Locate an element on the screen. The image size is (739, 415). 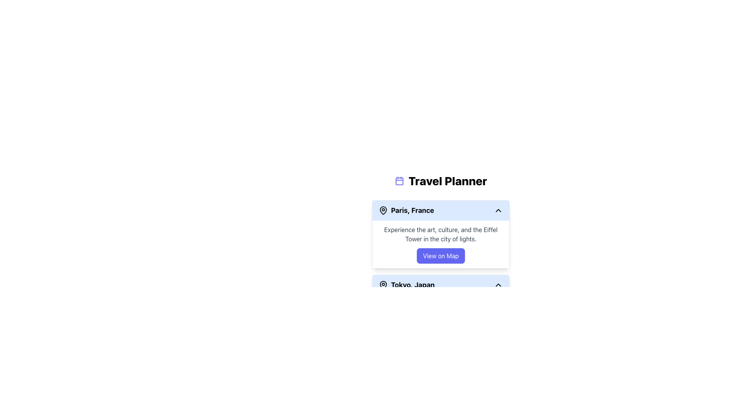
the map-pin icon, which is a minimalist outline design in black, located in the horizontal group next to the text 'Tokyo, Japan', positioned below the 'Paris, France' section is located at coordinates (383, 285).